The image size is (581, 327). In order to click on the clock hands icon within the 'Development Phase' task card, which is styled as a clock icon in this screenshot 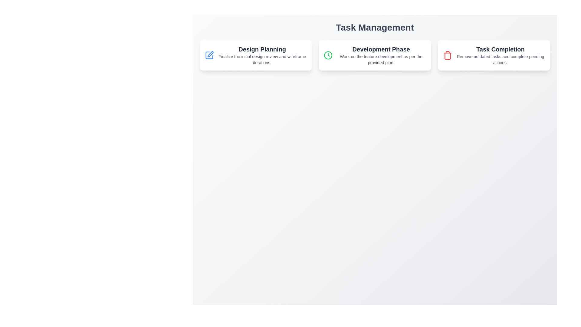, I will do `click(329, 54)`.